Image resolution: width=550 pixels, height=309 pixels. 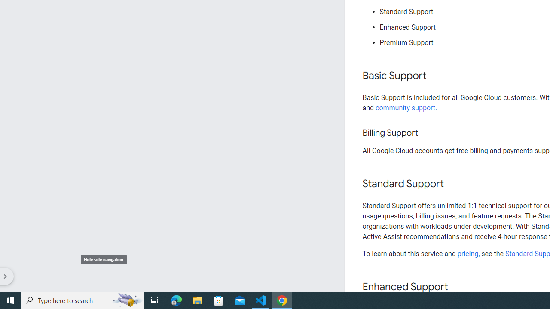 I want to click on 'community support', so click(x=405, y=107).